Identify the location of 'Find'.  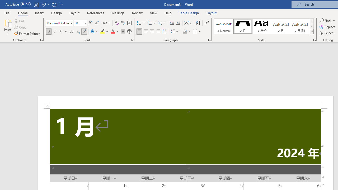
(325, 20).